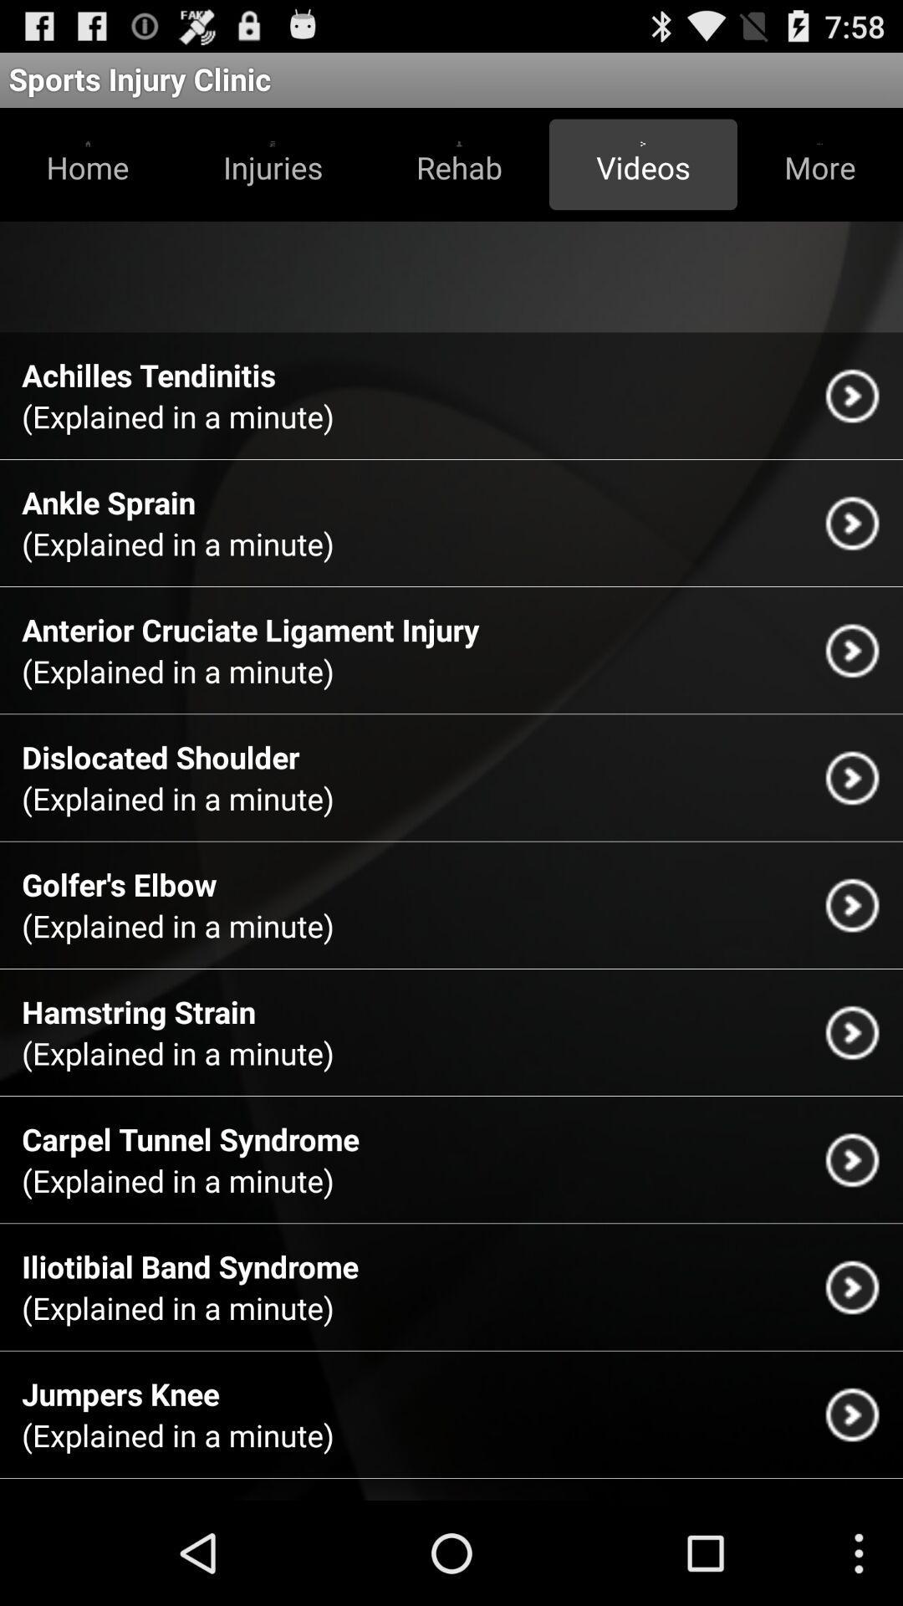  I want to click on the item below the explained in a icon, so click(109, 501).